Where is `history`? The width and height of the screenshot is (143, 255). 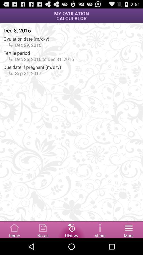
history is located at coordinates (71, 229).